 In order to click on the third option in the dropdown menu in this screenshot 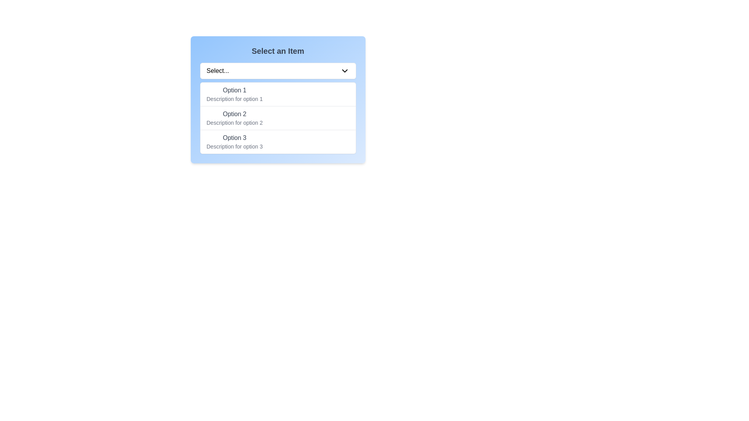, I will do `click(278, 142)`.